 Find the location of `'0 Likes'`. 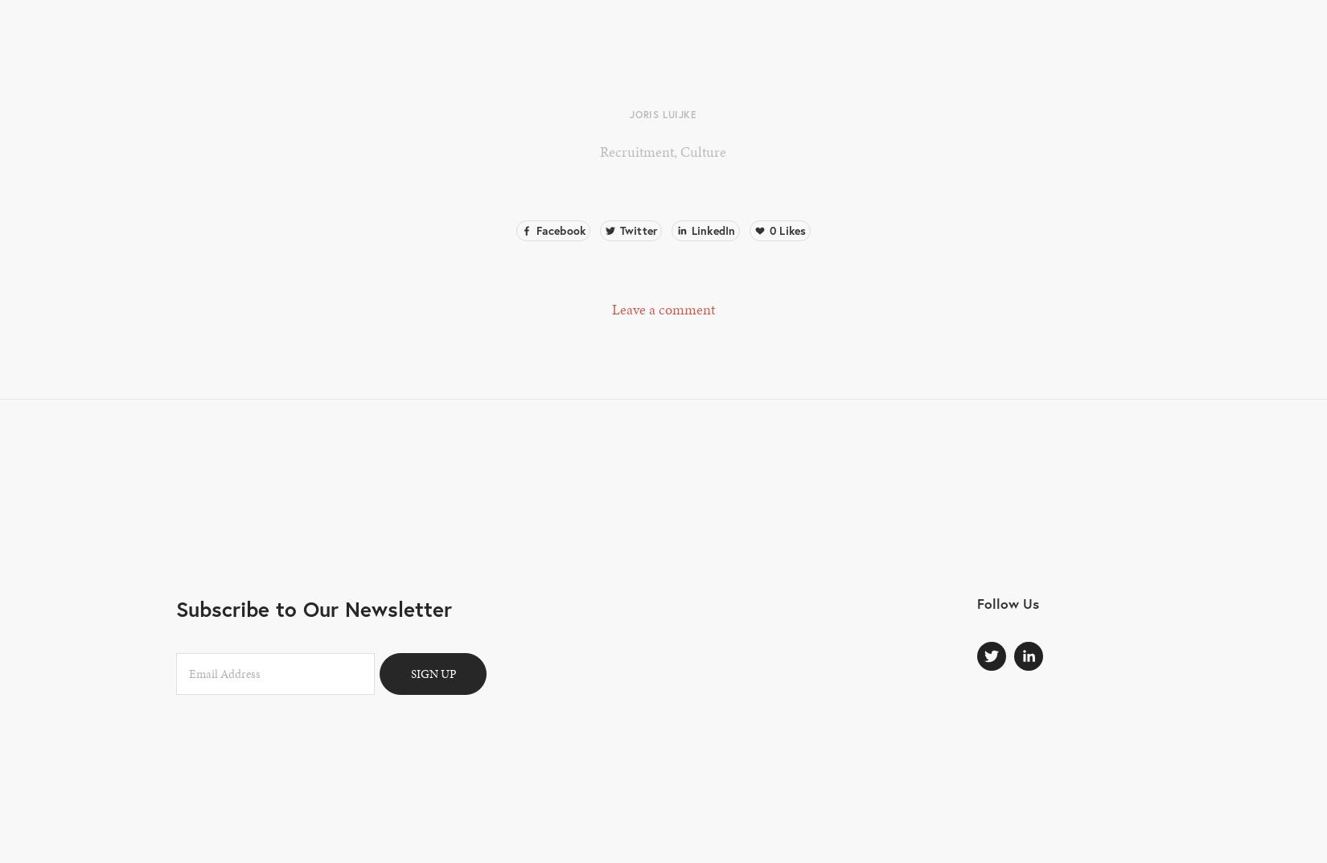

'0 Likes' is located at coordinates (787, 229).